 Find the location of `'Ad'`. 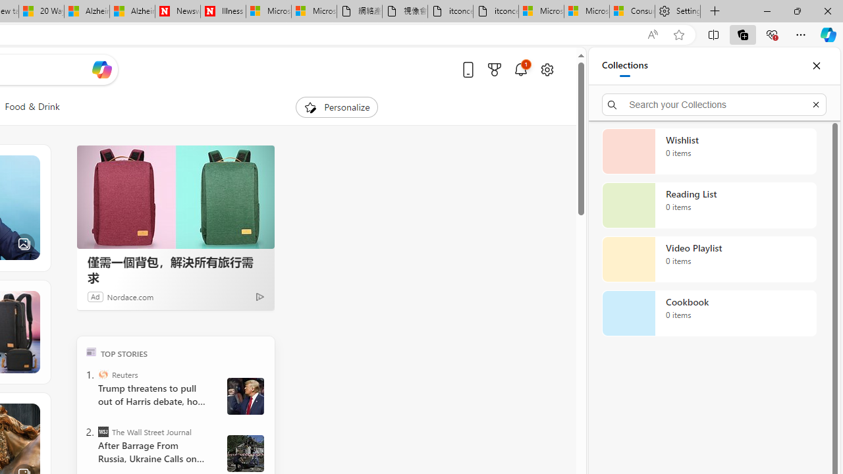

'Ad' is located at coordinates (95, 296).